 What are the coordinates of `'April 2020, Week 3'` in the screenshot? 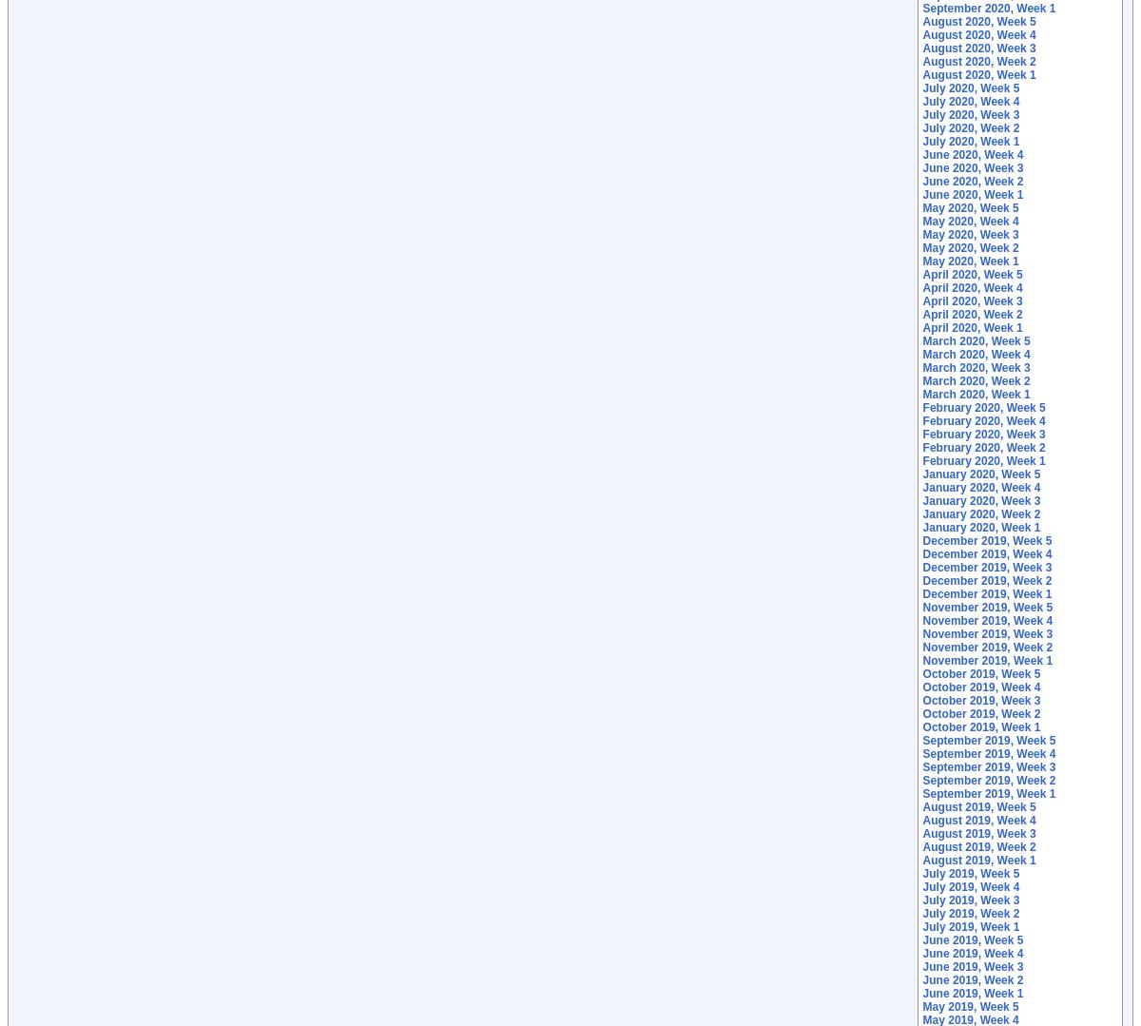 It's located at (921, 300).